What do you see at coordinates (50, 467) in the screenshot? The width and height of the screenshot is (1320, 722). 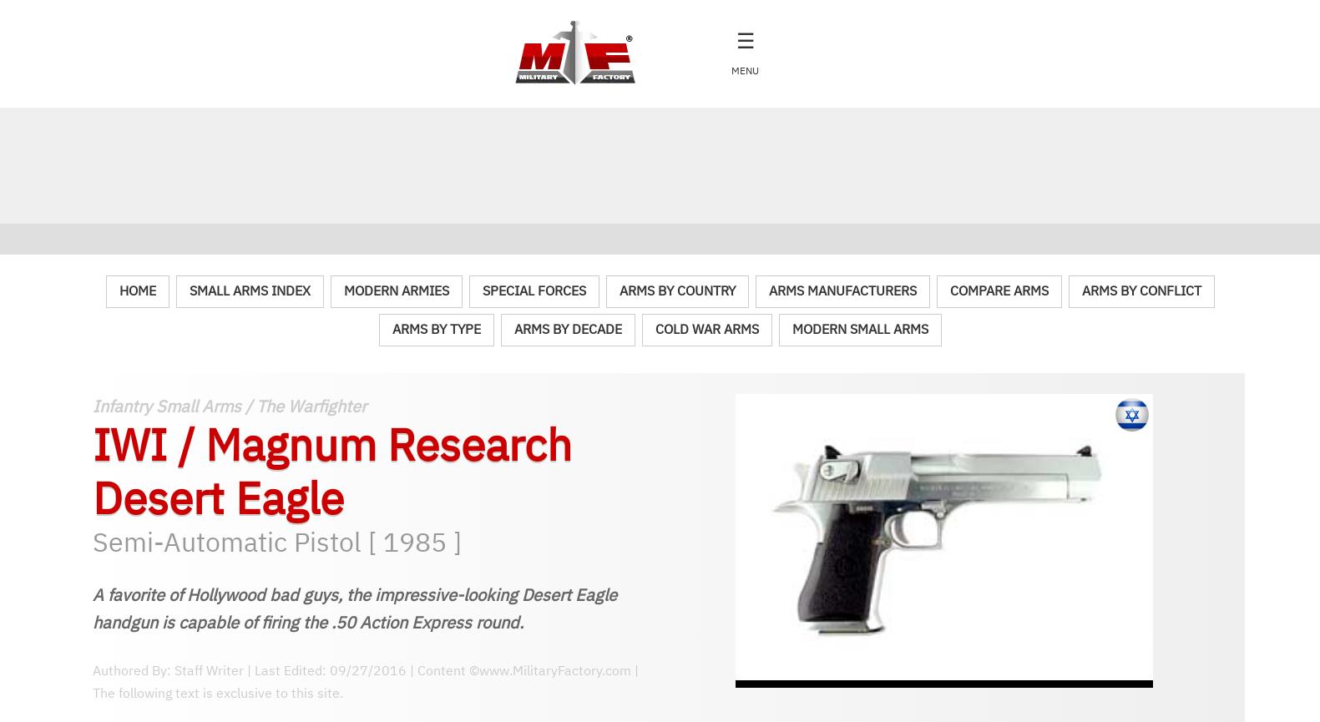 I see `'Warships & Submarines'` at bounding box center [50, 467].